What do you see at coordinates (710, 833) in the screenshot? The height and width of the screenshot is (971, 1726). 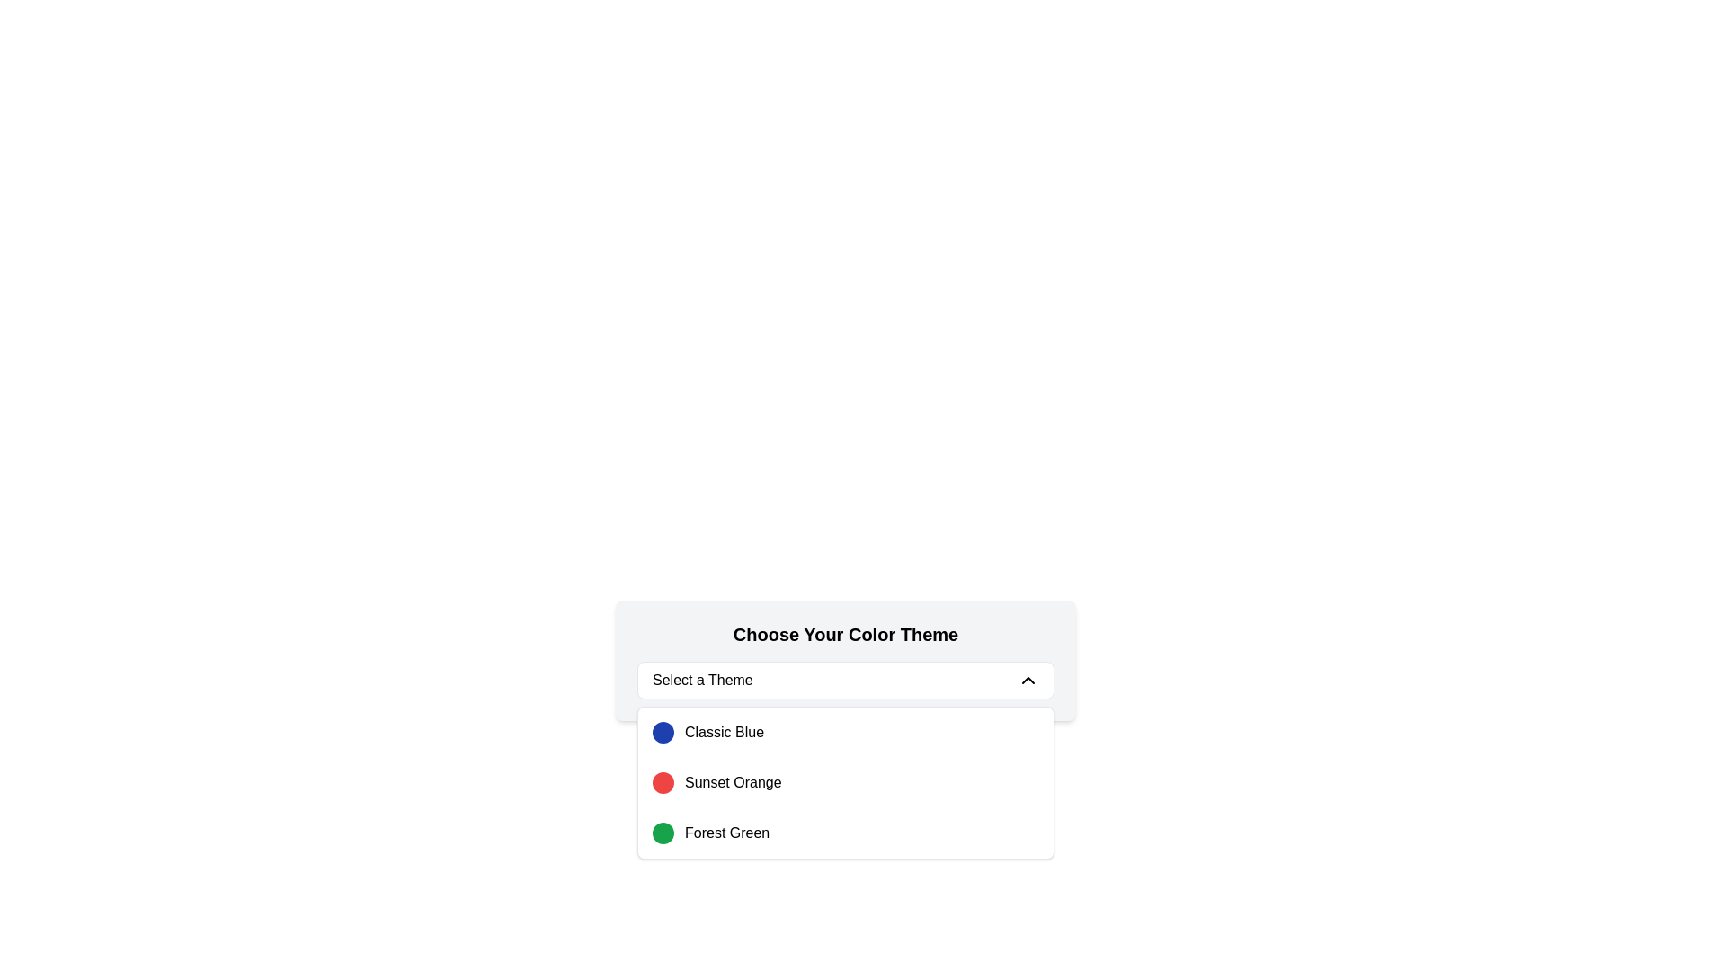 I see `the last selectable option in the 'Choose Your Color Theme' dropdown, which applies a 'Forest Green' theme` at bounding box center [710, 833].